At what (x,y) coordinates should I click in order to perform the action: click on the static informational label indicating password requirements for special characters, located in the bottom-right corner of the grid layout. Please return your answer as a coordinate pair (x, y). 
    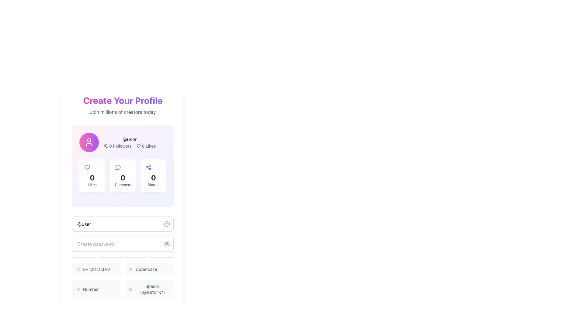
    Looking at the image, I should click on (149, 289).